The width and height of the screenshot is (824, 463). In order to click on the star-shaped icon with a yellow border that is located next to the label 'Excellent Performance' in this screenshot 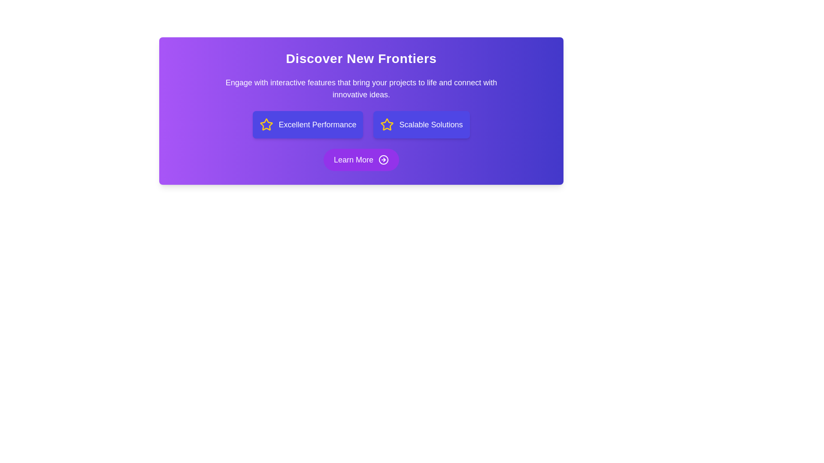, I will do `click(266, 124)`.